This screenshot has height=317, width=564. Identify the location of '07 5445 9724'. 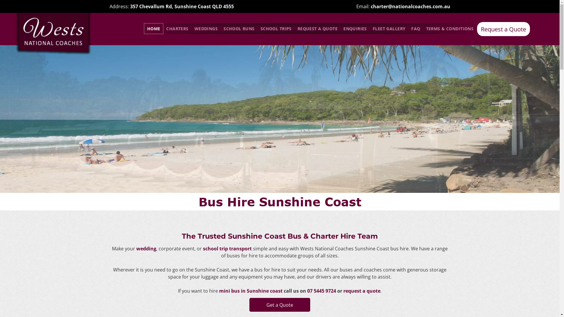
(321, 291).